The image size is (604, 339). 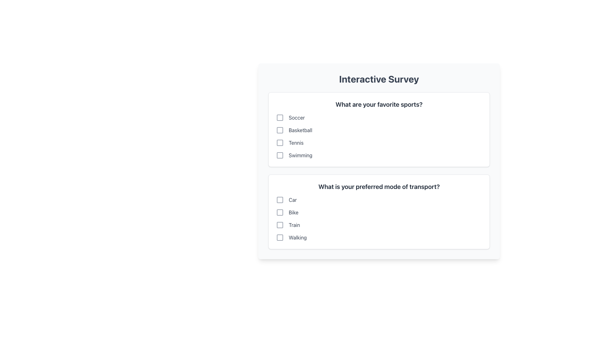 What do you see at coordinates (293, 212) in the screenshot?
I see `the text label displaying 'Bike', which is part of the transport options in the survey form, located between 'Car' and 'Train'` at bounding box center [293, 212].